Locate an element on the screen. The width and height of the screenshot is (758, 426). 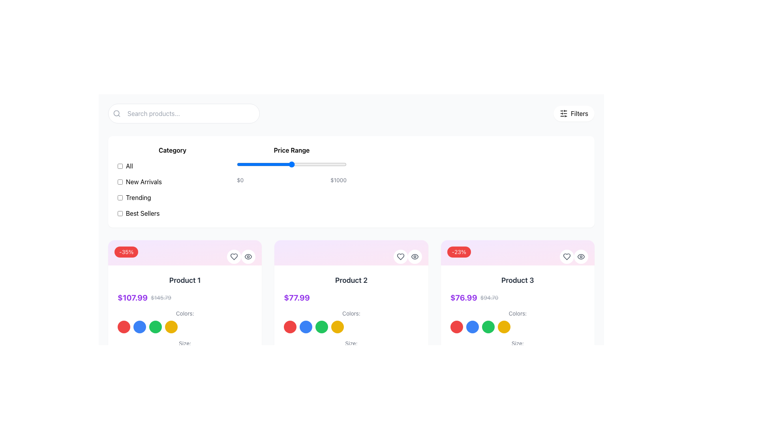
price value displayed in the bold text showing '$77.99' with a purple font color, located in the middle product card (Product 2), at the top section under the product title is located at coordinates (296, 298).